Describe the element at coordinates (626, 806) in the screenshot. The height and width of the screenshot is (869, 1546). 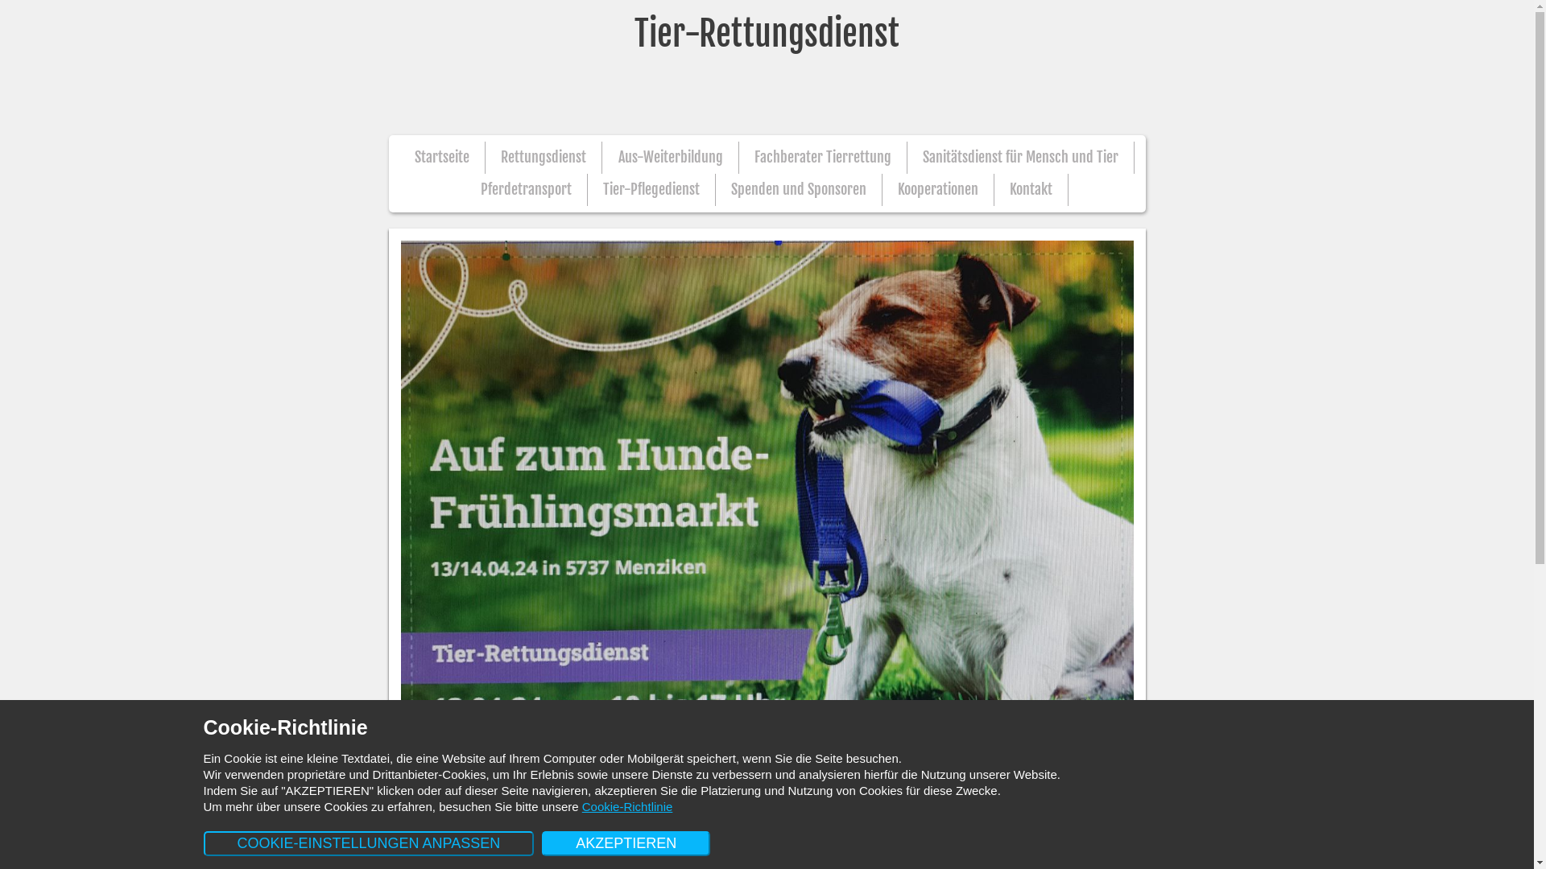
I see `'Cookie-Richtlinie'` at that location.